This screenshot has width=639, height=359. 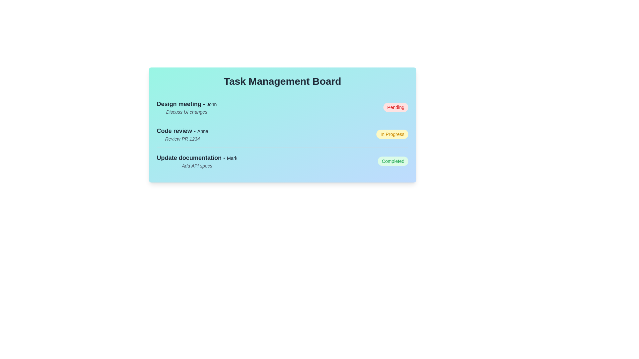 What do you see at coordinates (392, 134) in the screenshot?
I see `the task status indicator for Code review to toggle its state` at bounding box center [392, 134].